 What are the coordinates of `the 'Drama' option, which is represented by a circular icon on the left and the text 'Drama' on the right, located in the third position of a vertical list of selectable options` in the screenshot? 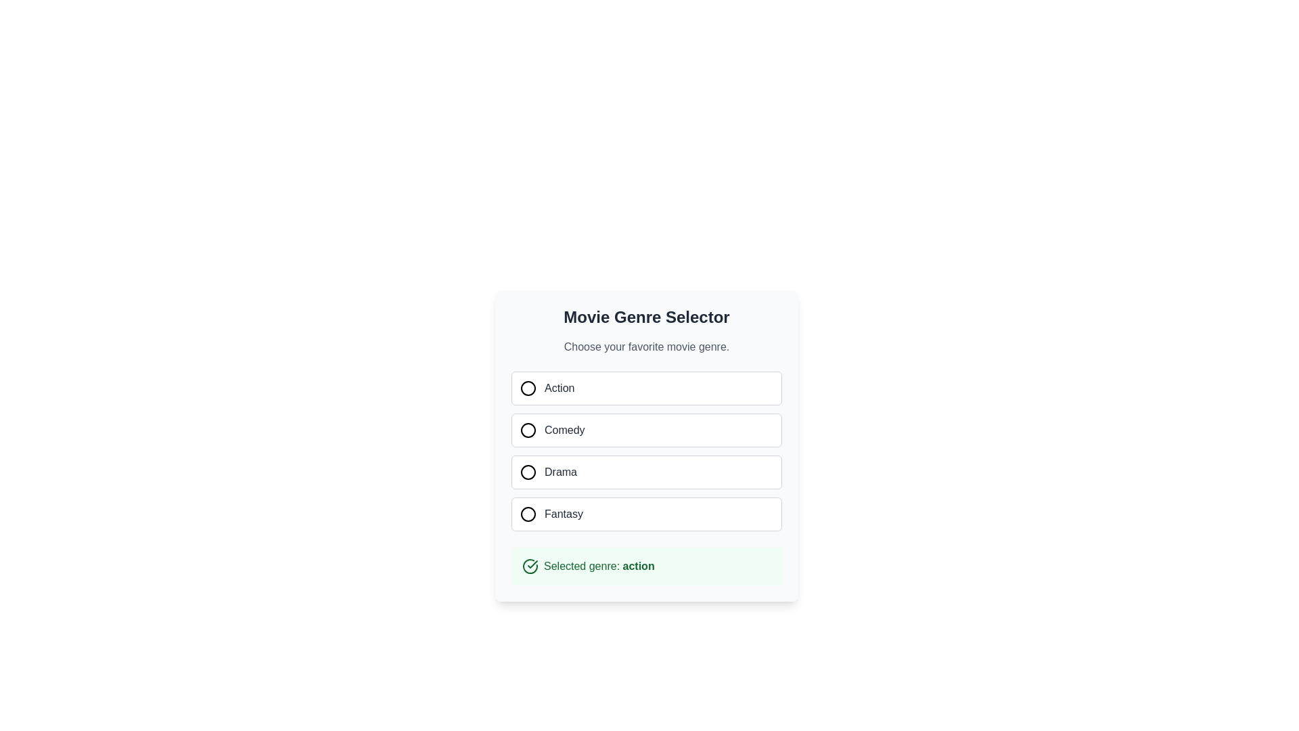 It's located at (549, 472).